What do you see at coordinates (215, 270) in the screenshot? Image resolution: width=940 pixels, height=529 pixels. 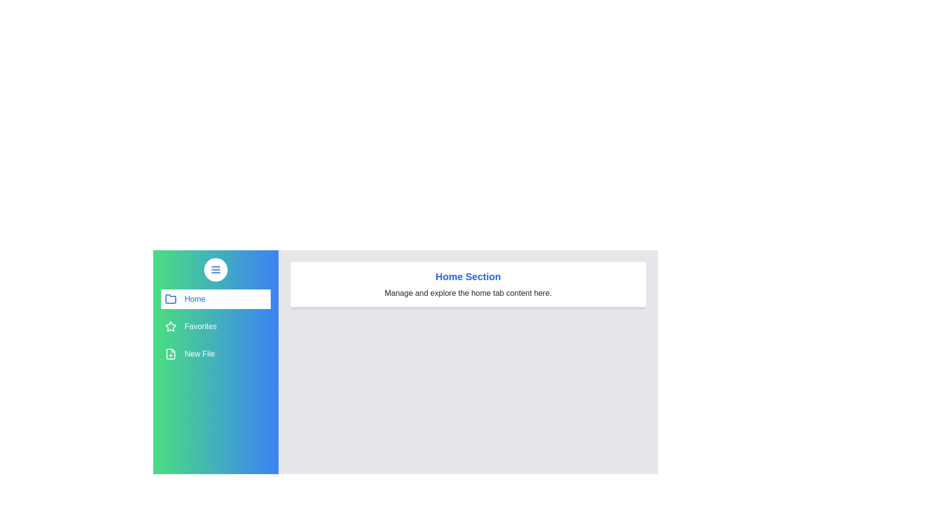 I see `the menu button to toggle the drawer` at bounding box center [215, 270].